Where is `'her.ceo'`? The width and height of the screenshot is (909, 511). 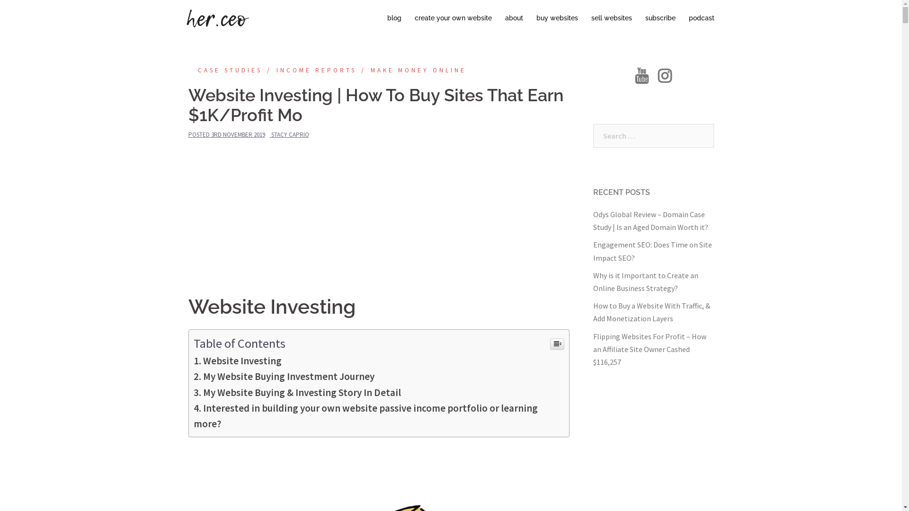
'her.ceo' is located at coordinates (216, 18).